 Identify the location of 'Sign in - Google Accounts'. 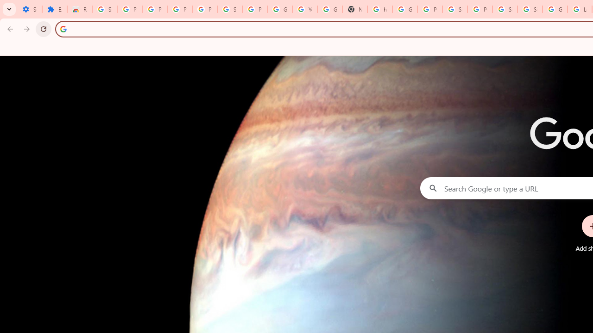
(530, 9).